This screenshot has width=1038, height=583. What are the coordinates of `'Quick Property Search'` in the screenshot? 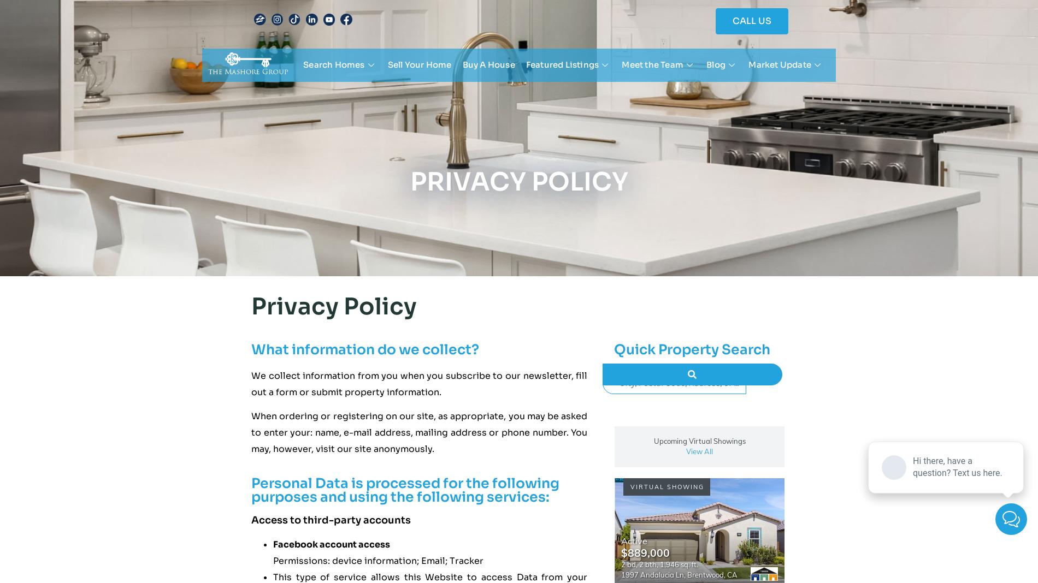 It's located at (614, 348).